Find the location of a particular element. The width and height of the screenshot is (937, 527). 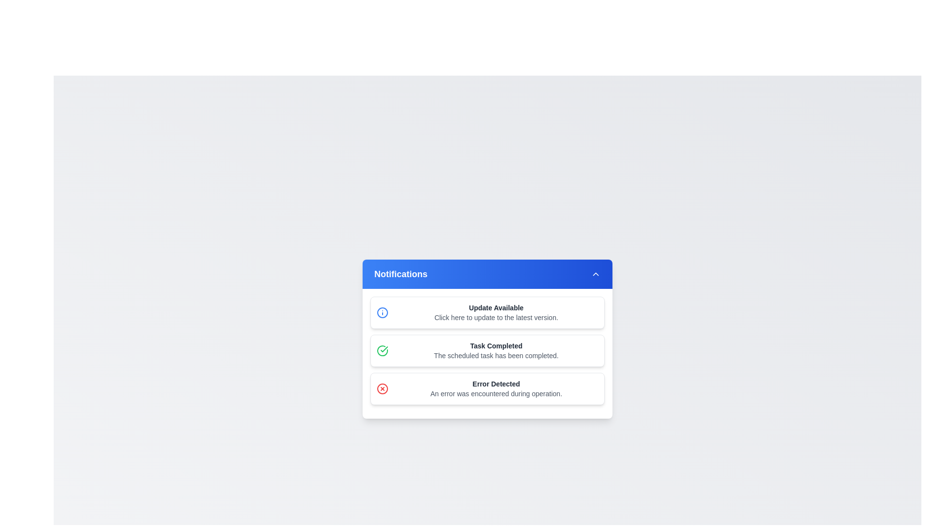

the static informational text block displaying 'Task Completed' with a description 'The scheduled task has been completed', which is located in the second notification card under 'Notifications' is located at coordinates (496, 350).